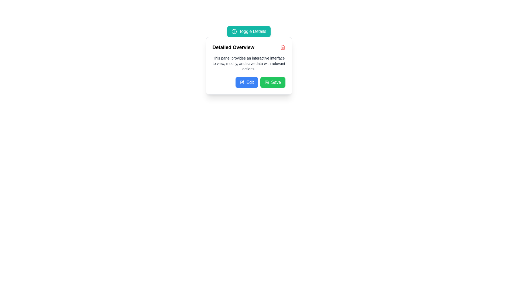 Image resolution: width=518 pixels, height=291 pixels. What do you see at coordinates (247, 82) in the screenshot?
I see `the edit button located to the left of the 'Save' button, which triggers an edit mode for modifying settings` at bounding box center [247, 82].